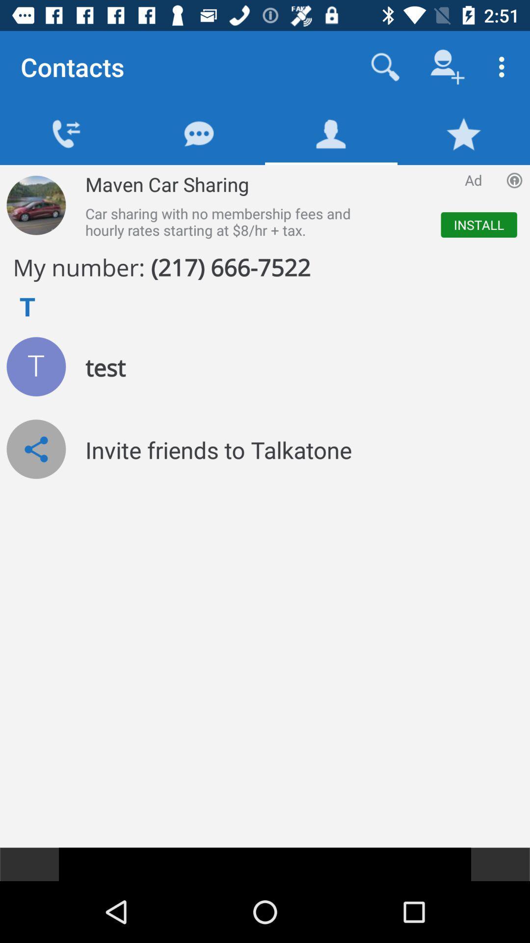 This screenshot has width=530, height=943. I want to click on an advertisement, so click(35, 205).